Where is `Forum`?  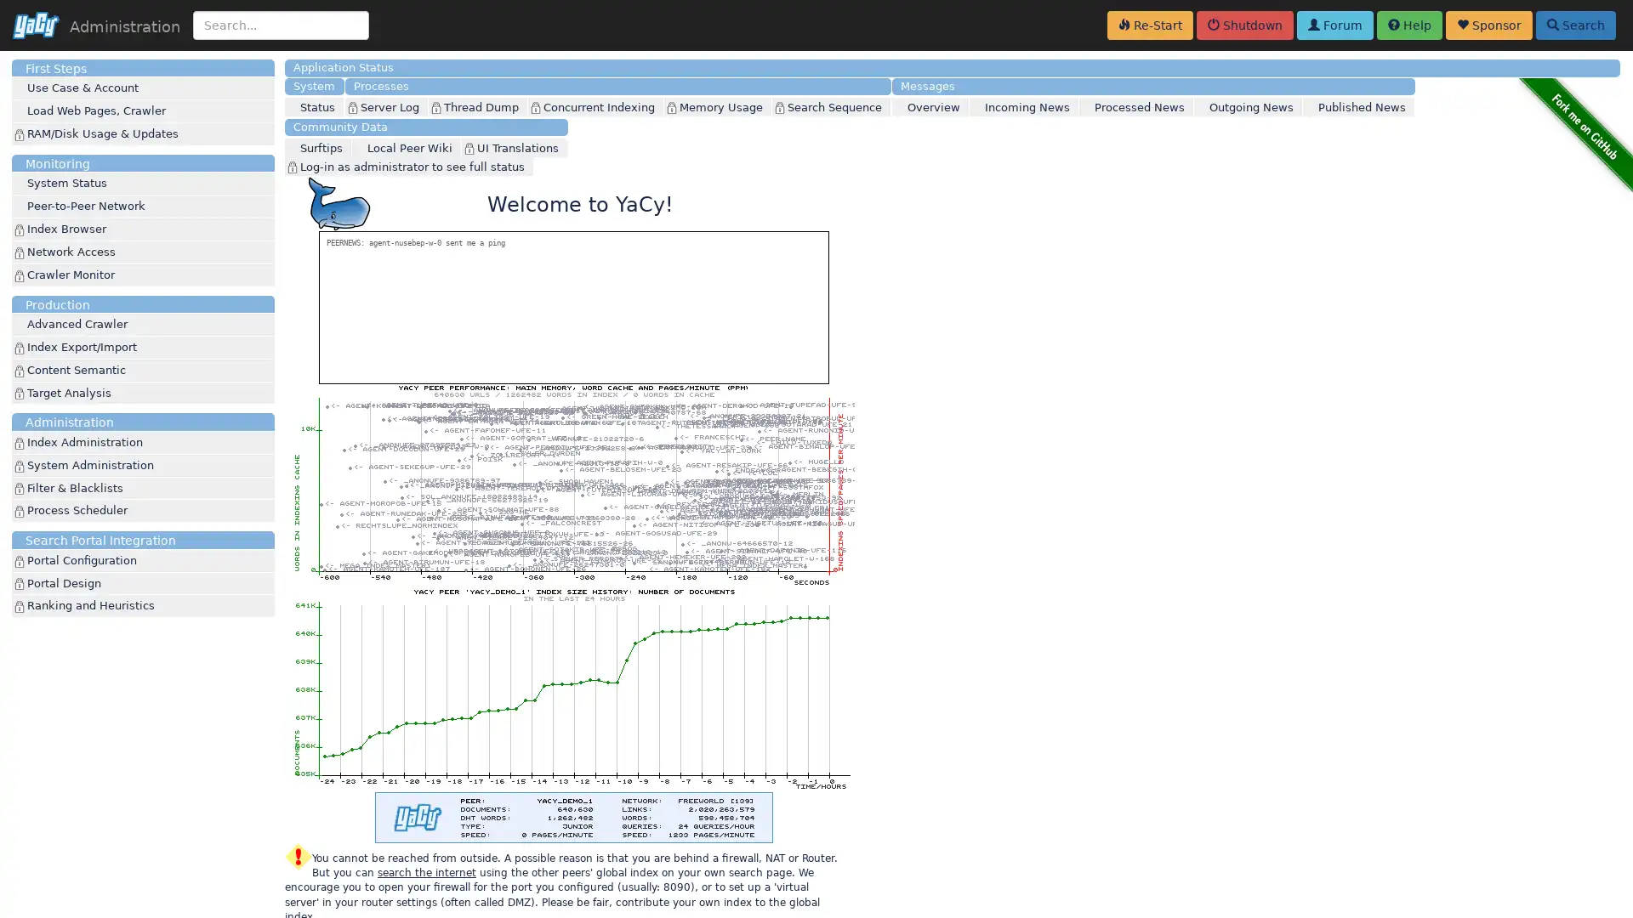
Forum is located at coordinates (1334, 25).